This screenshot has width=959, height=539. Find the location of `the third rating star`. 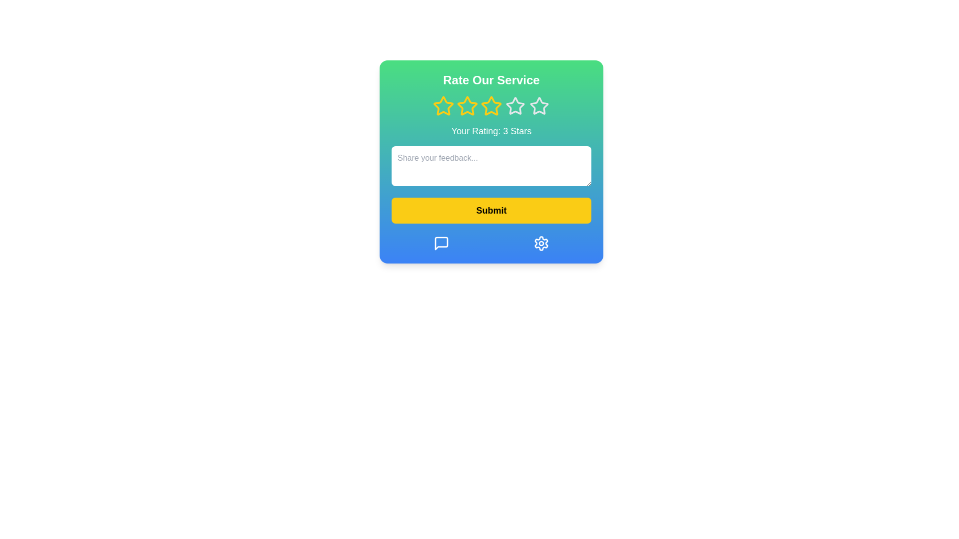

the third rating star is located at coordinates (467, 106).